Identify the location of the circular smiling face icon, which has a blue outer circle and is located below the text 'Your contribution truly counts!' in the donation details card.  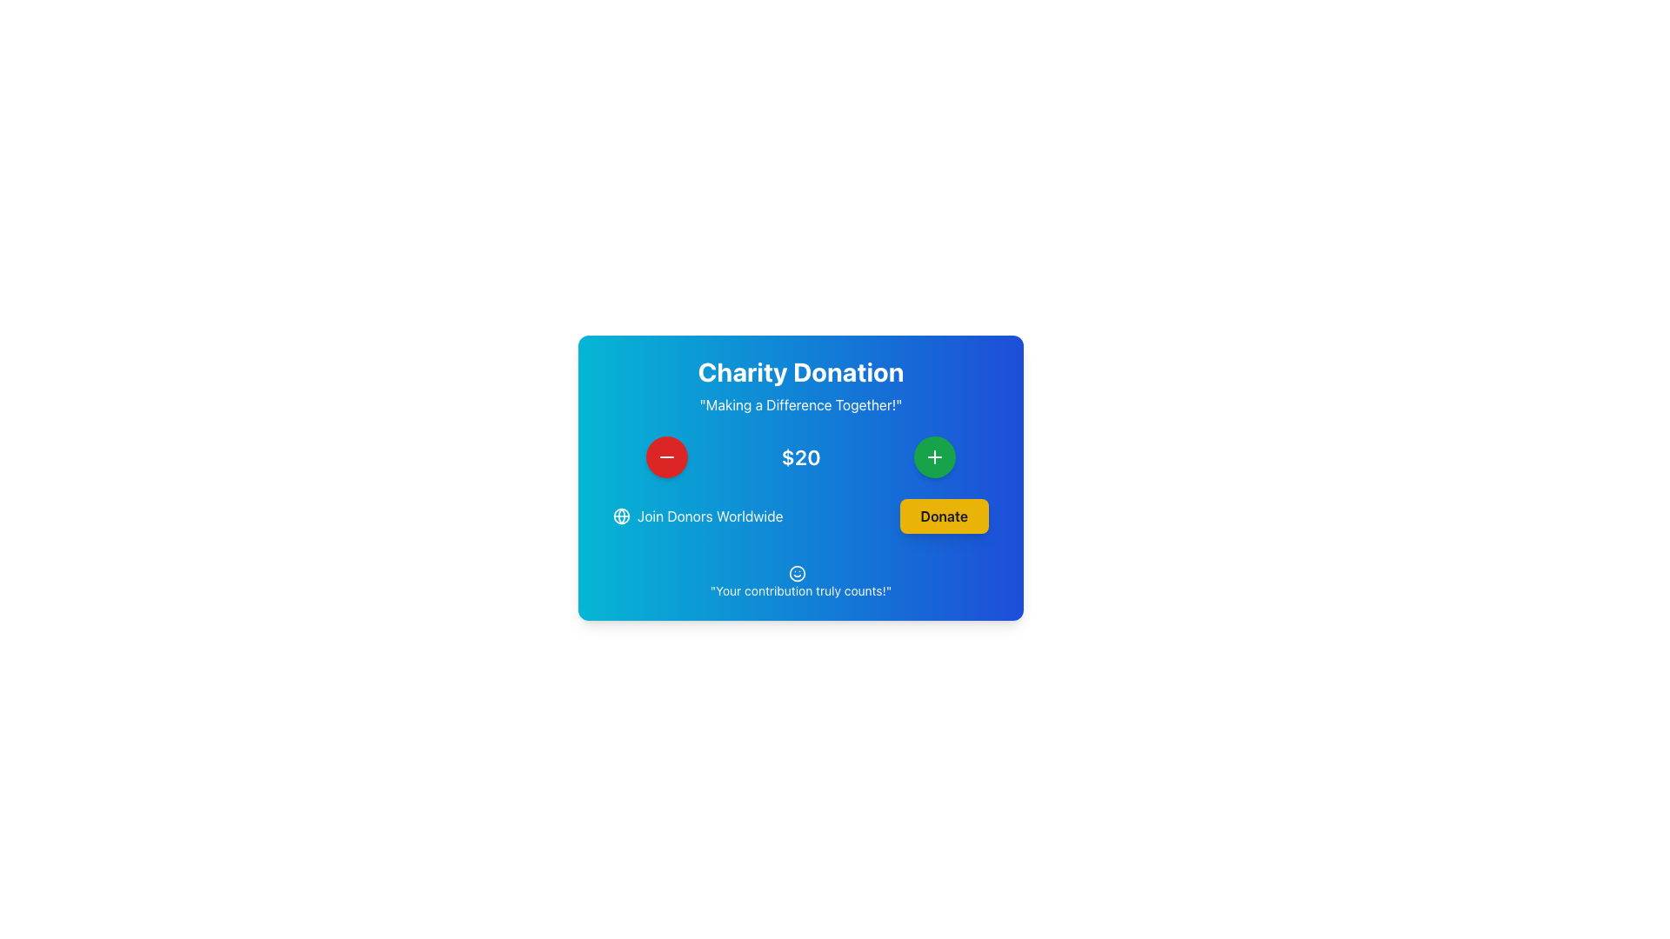
(796, 573).